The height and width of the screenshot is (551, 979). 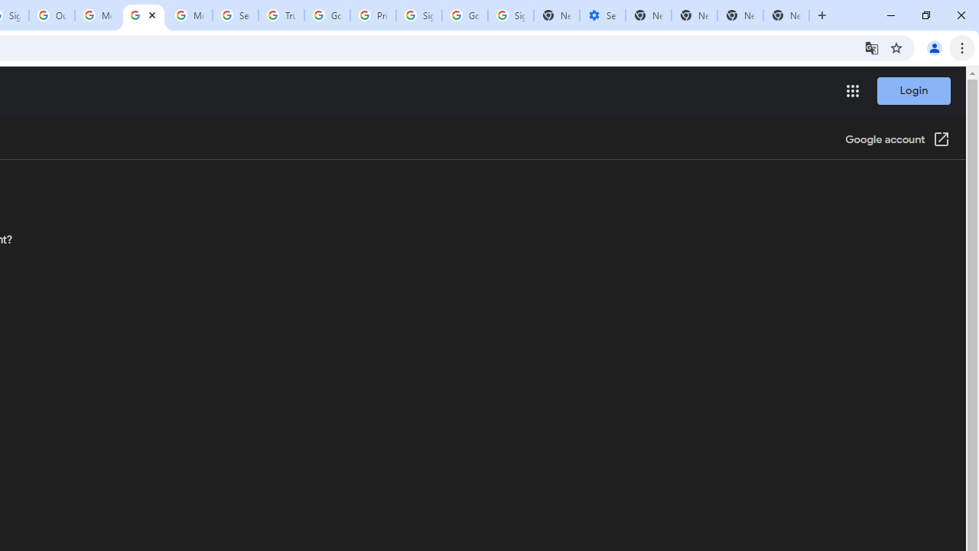 I want to click on 'Google Account (Opens in new window)', so click(x=897, y=140).